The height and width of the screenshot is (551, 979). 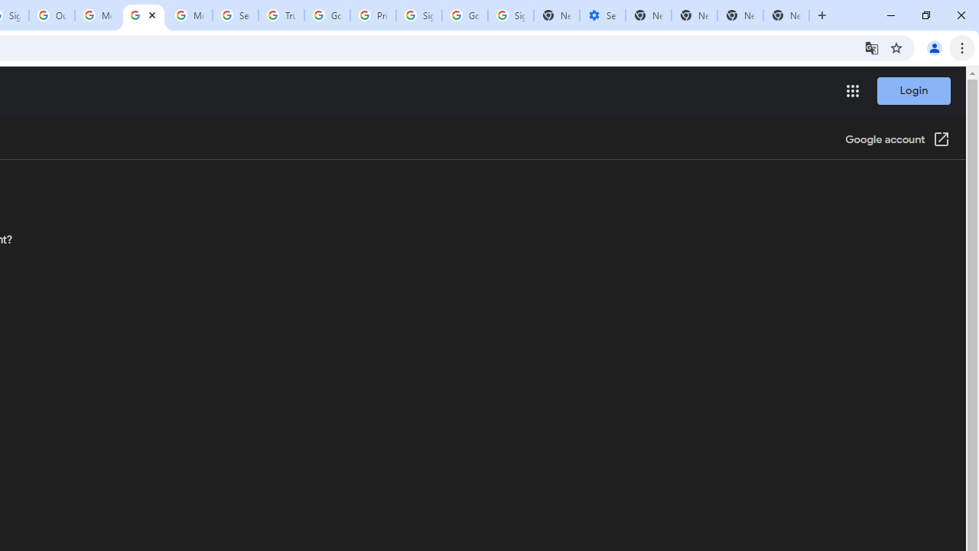 I want to click on 'Google Account (Opens in new window)', so click(x=897, y=140).